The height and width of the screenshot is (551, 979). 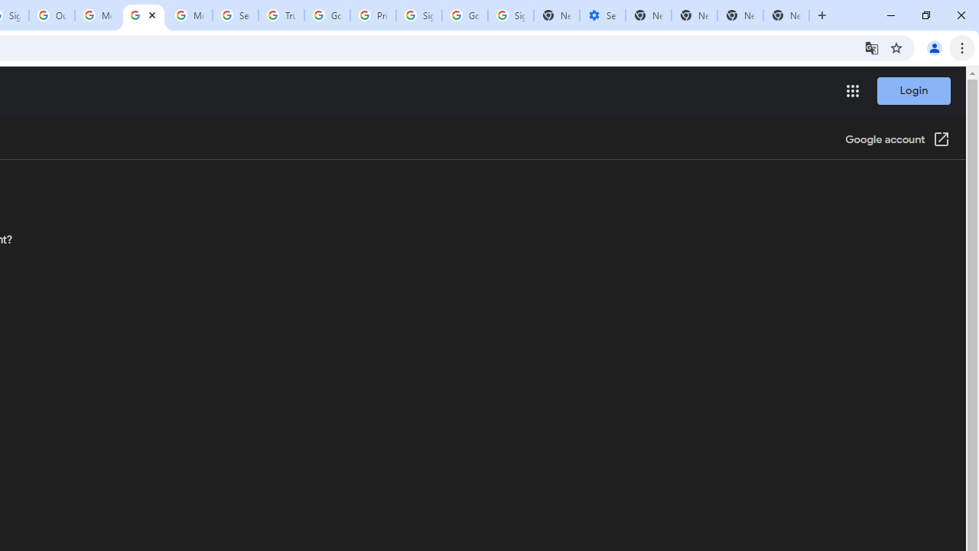 I want to click on 'Google Account (Opens in new window)', so click(x=897, y=140).